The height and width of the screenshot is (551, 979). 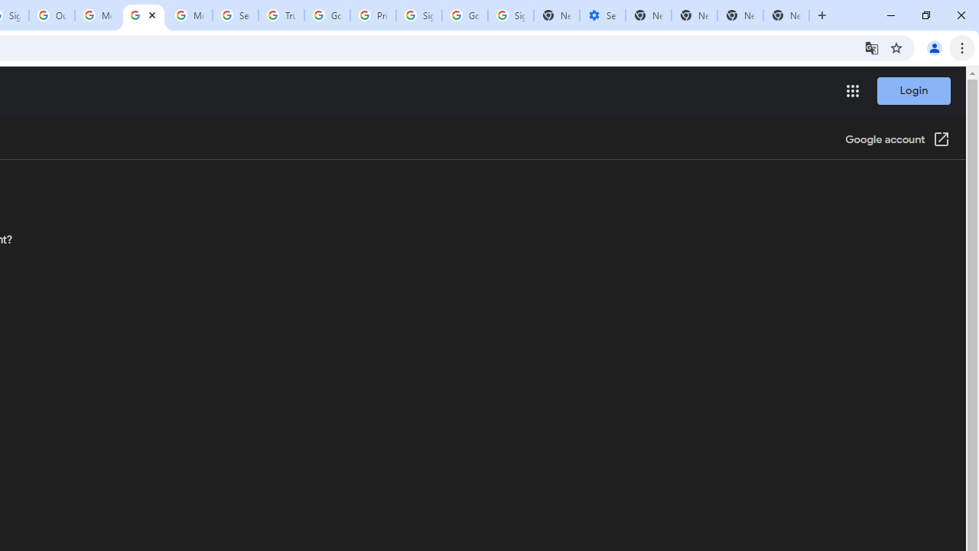 I want to click on 'Google Account (Opens in new window)', so click(x=897, y=140).